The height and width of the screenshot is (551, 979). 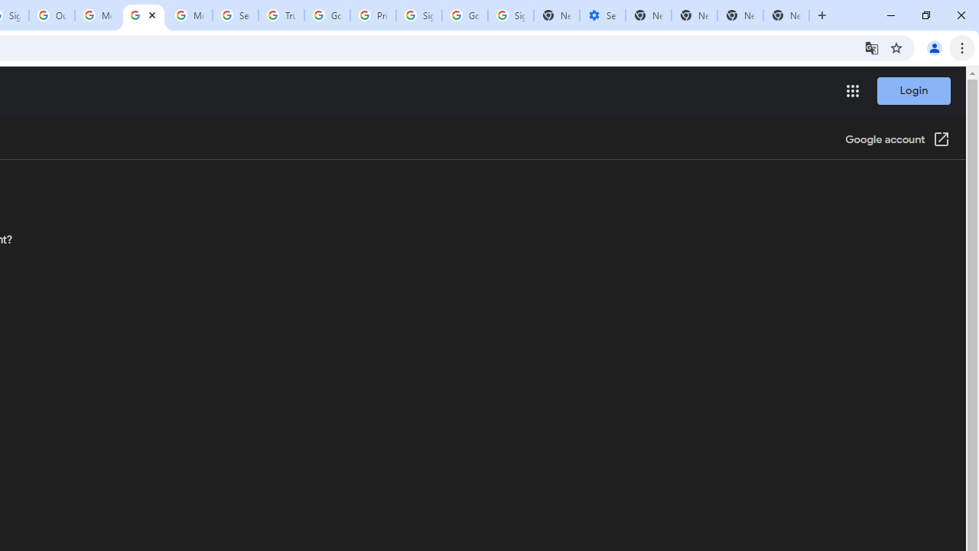 I want to click on 'Google Account (Opens in new window)', so click(x=897, y=140).